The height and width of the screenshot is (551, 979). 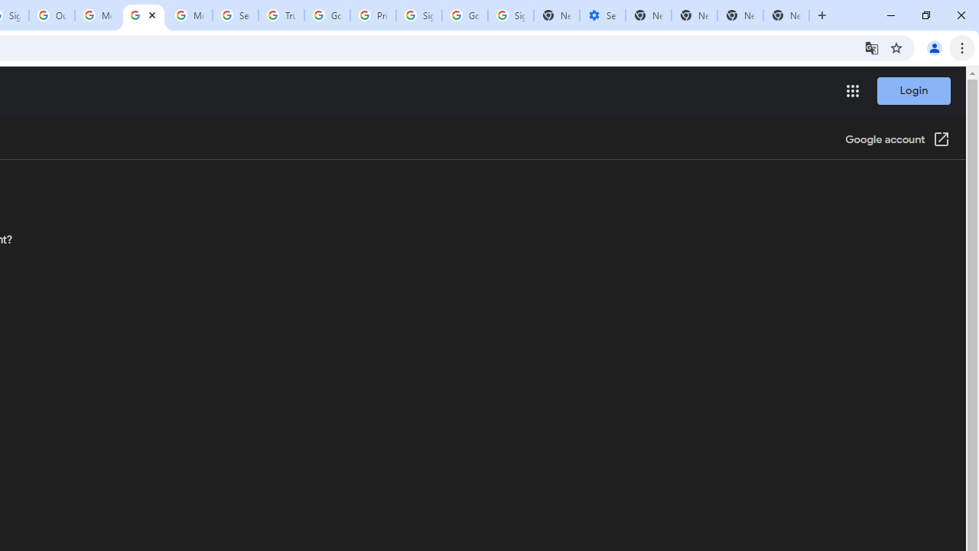 I want to click on 'Google Account (Opens in new window)', so click(x=897, y=140).